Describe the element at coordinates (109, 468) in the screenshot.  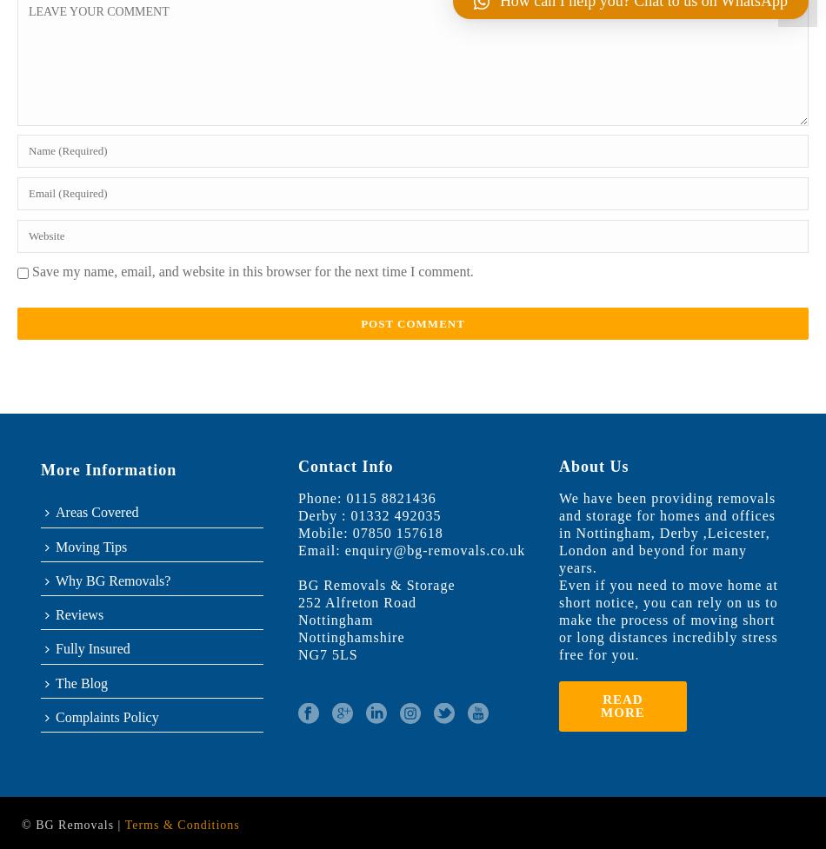
I see `'More Information'` at that location.